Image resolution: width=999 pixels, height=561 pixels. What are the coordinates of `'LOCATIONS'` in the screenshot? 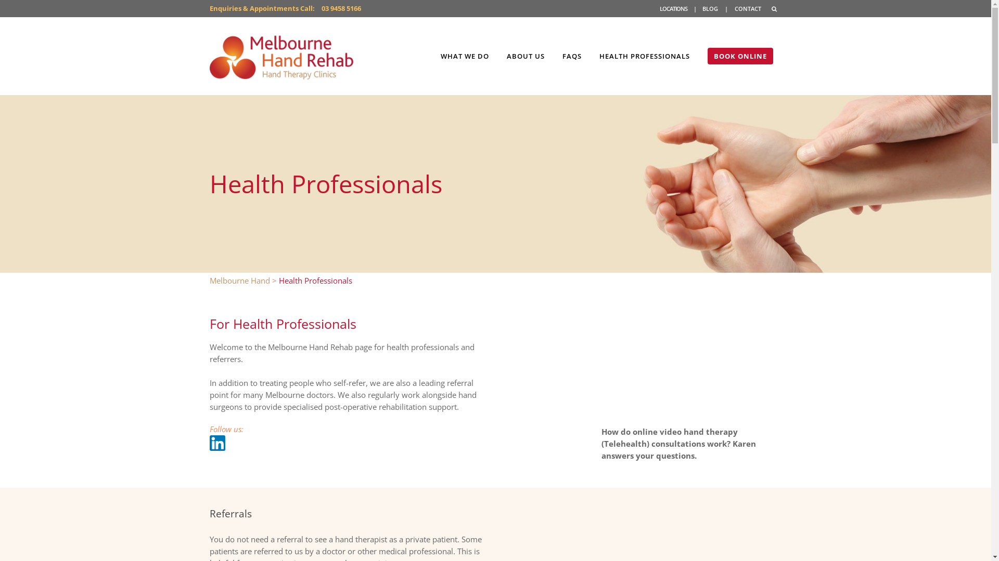 It's located at (659, 8).